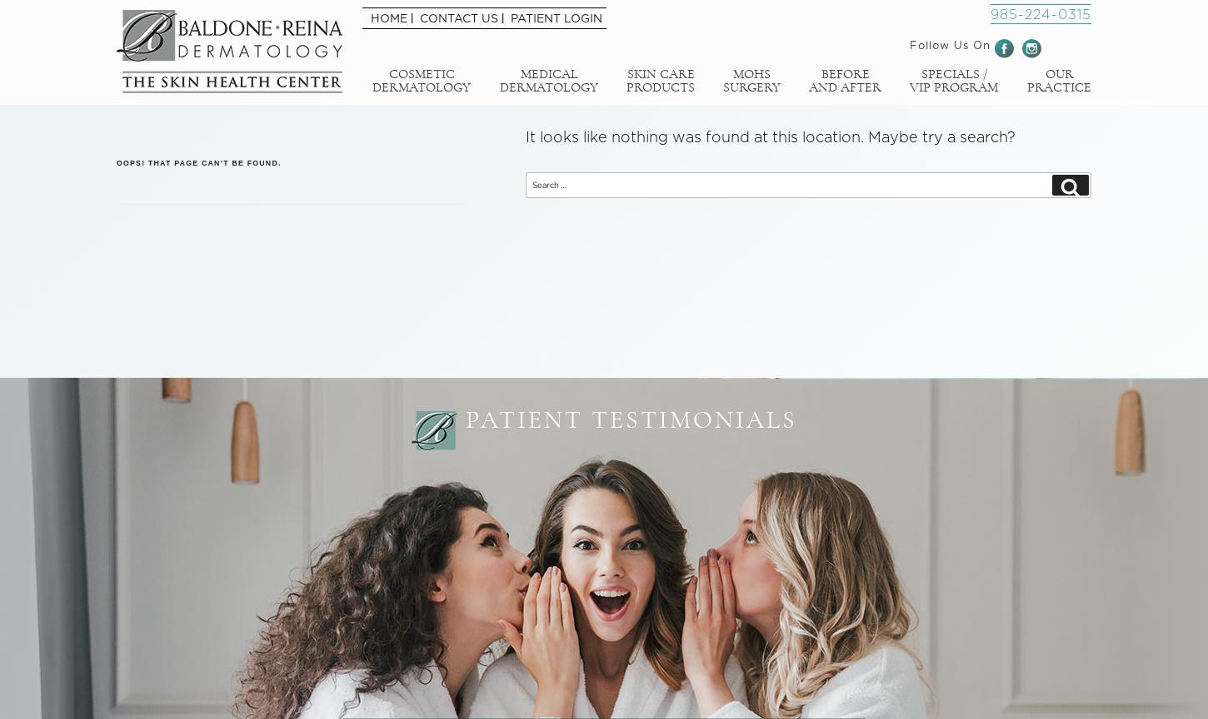 The height and width of the screenshot is (719, 1208). Describe the element at coordinates (547, 73) in the screenshot. I see `'Medical'` at that location.